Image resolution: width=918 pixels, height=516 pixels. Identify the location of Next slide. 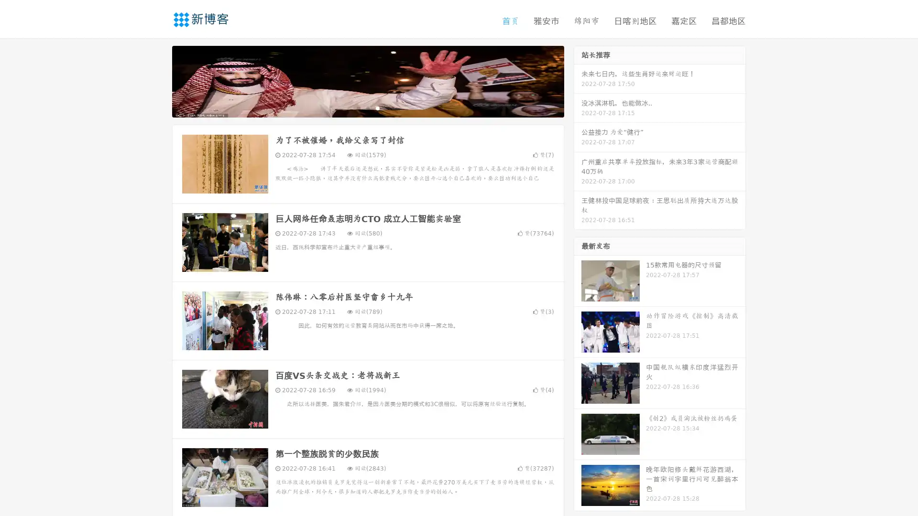
(578, 80).